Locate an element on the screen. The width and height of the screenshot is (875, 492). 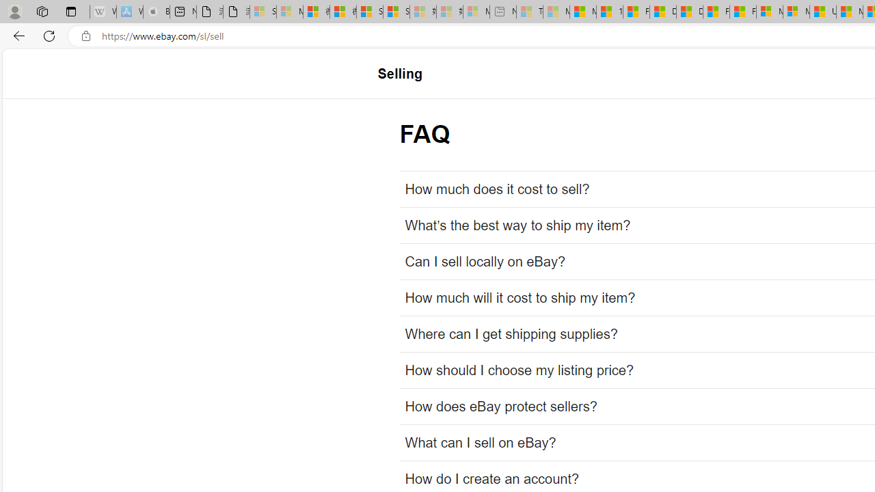
'US Heat Deaths Soared To Record High Last Year' is located at coordinates (822, 12).